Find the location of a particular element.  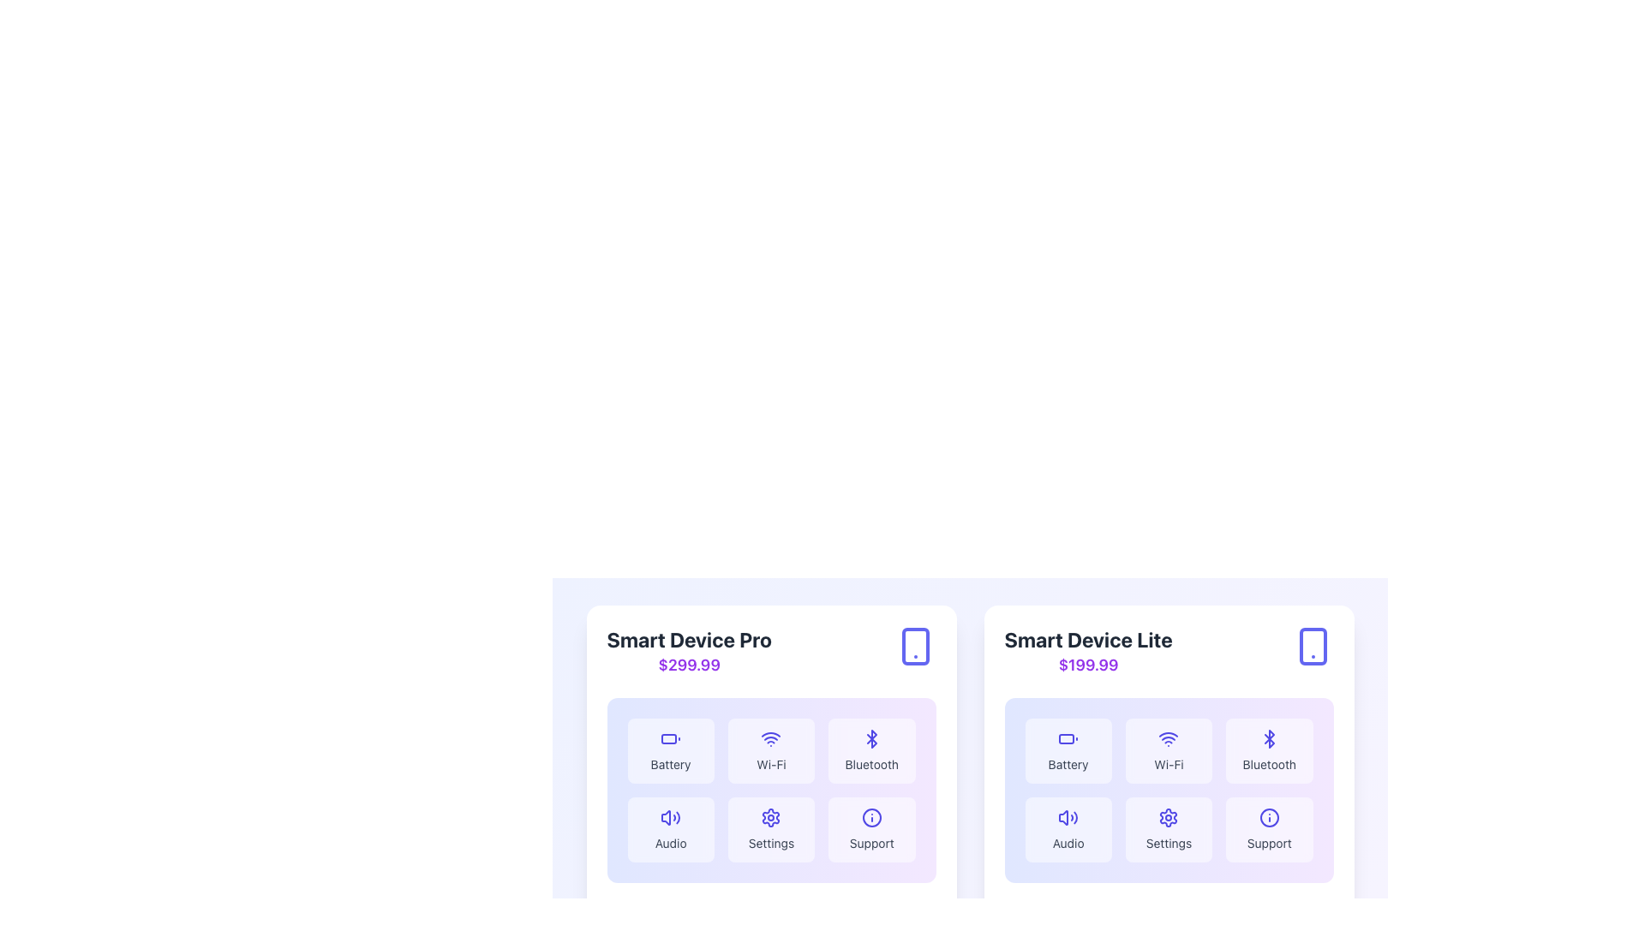

the Bluetooth card-like button element located is located at coordinates (871, 749).